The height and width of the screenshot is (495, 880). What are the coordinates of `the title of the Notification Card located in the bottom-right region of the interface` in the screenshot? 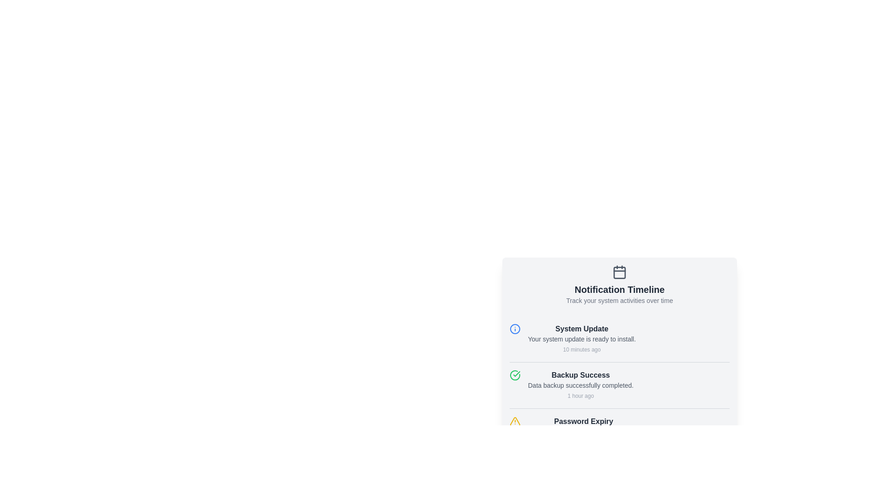 It's located at (620, 330).